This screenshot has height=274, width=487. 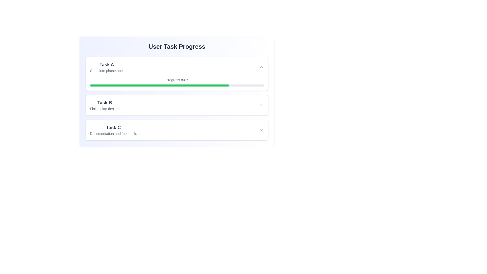 What do you see at coordinates (107, 64) in the screenshot?
I see `the 'Task A' text label, which is styled as a large bold font in gray color and positioned at the top-left corner of the first task card in the 'User Task Progress' interface` at bounding box center [107, 64].